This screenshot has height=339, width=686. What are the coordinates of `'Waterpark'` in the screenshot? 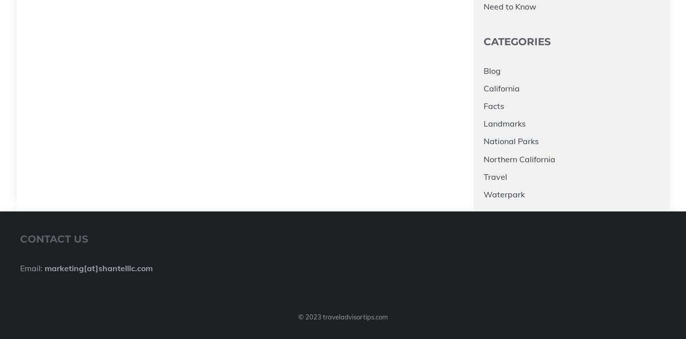 It's located at (504, 194).